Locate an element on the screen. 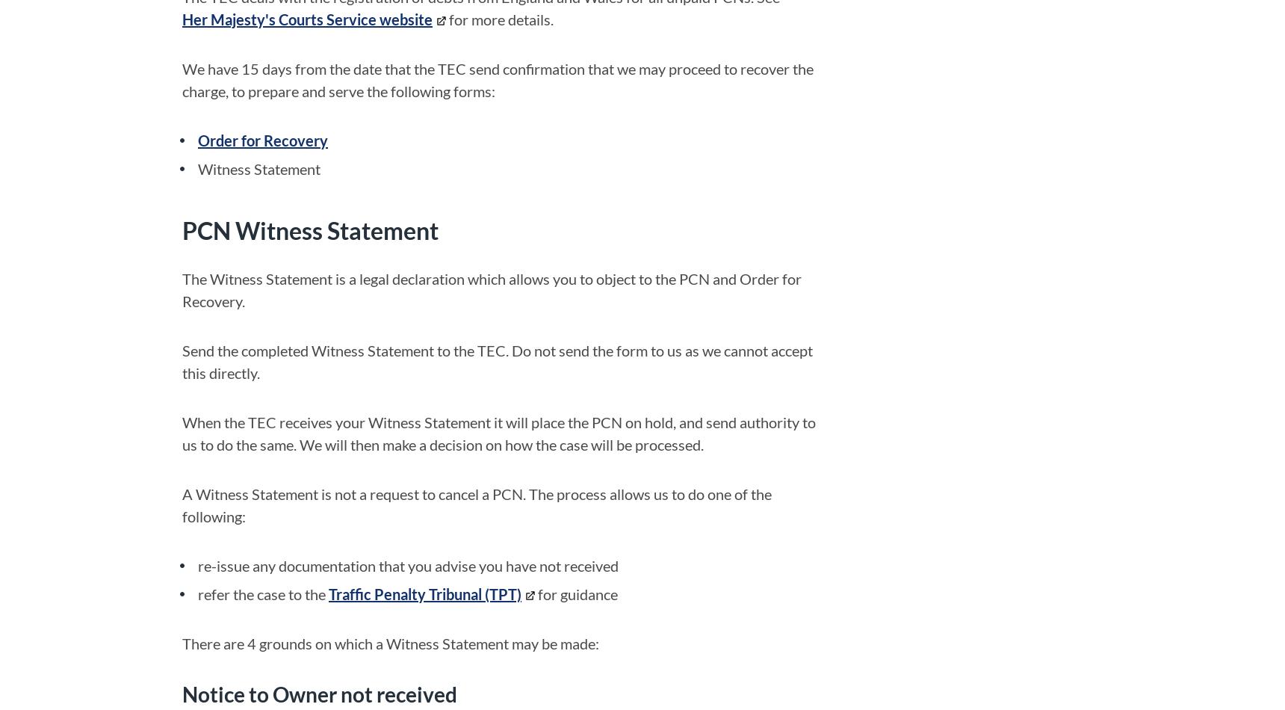 This screenshot has width=1285, height=710. 'Notice to Owner not received' is located at coordinates (319, 692).